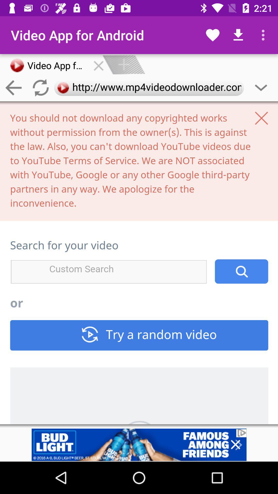  I want to click on the close icon, so click(235, 444).